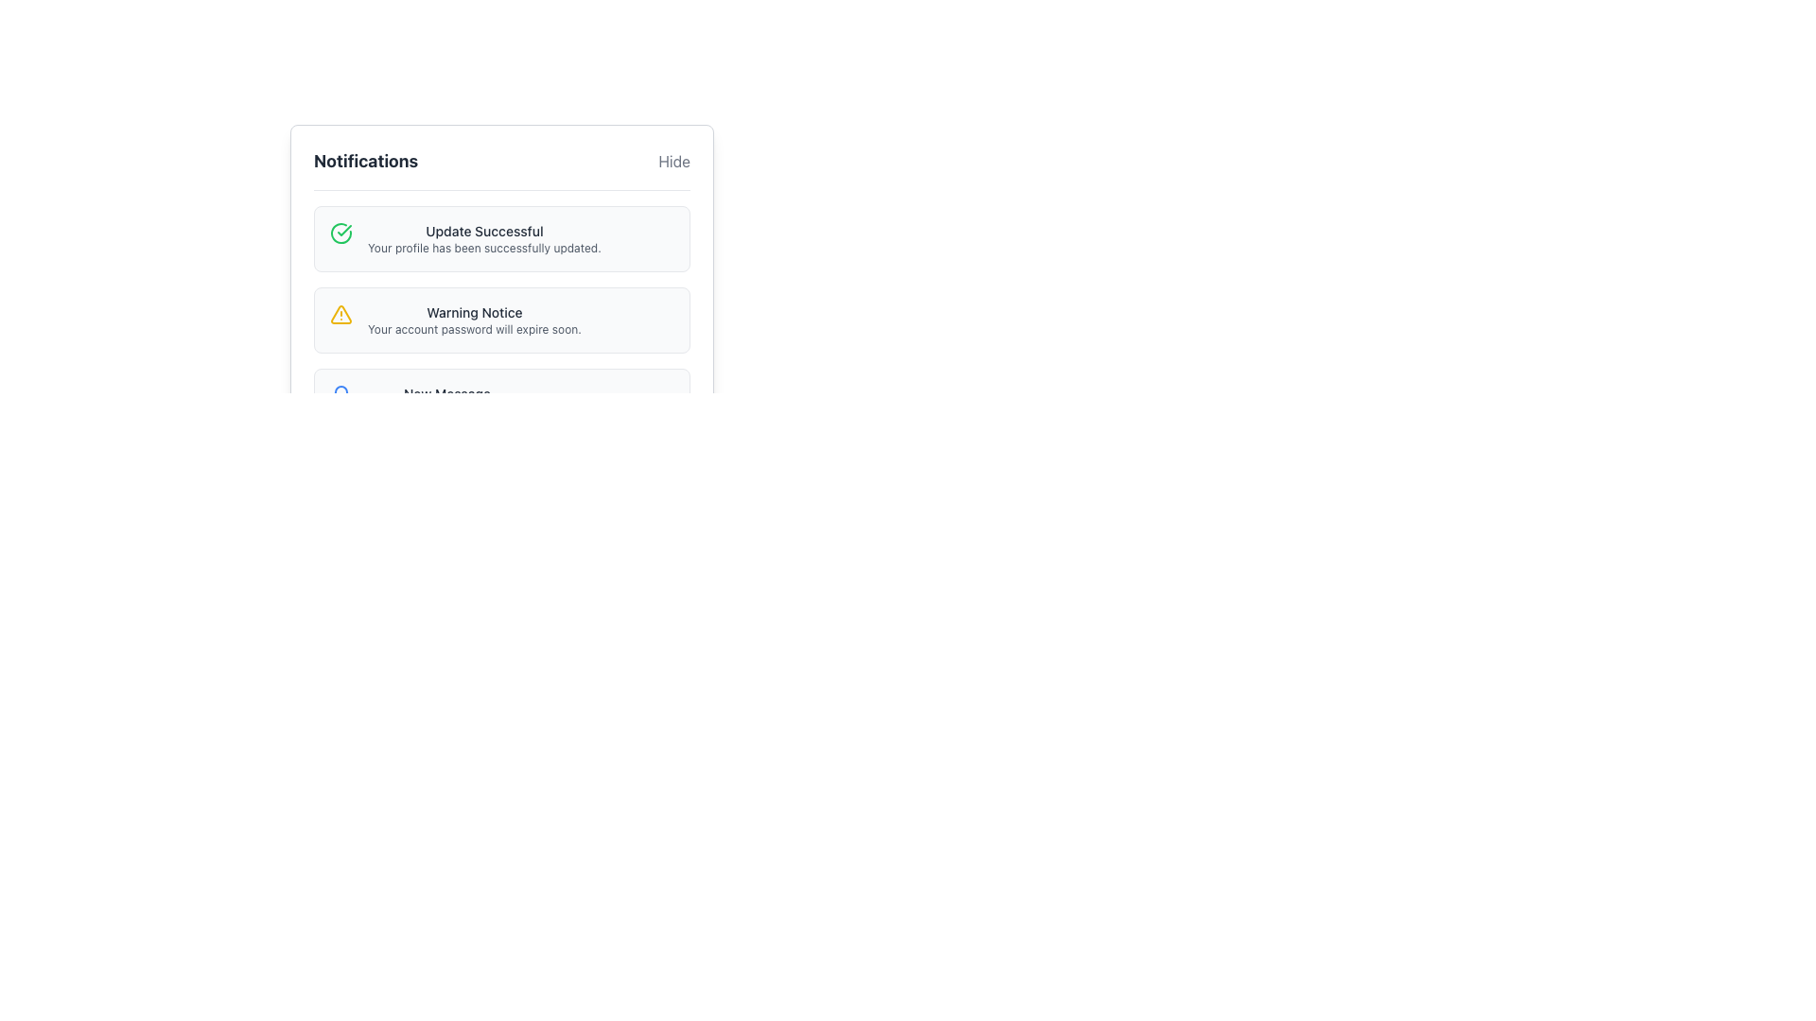  I want to click on the 'Hide' button located to the right of the 'Notifications' title to trigger the hover effect that darkens its color, so click(674, 160).